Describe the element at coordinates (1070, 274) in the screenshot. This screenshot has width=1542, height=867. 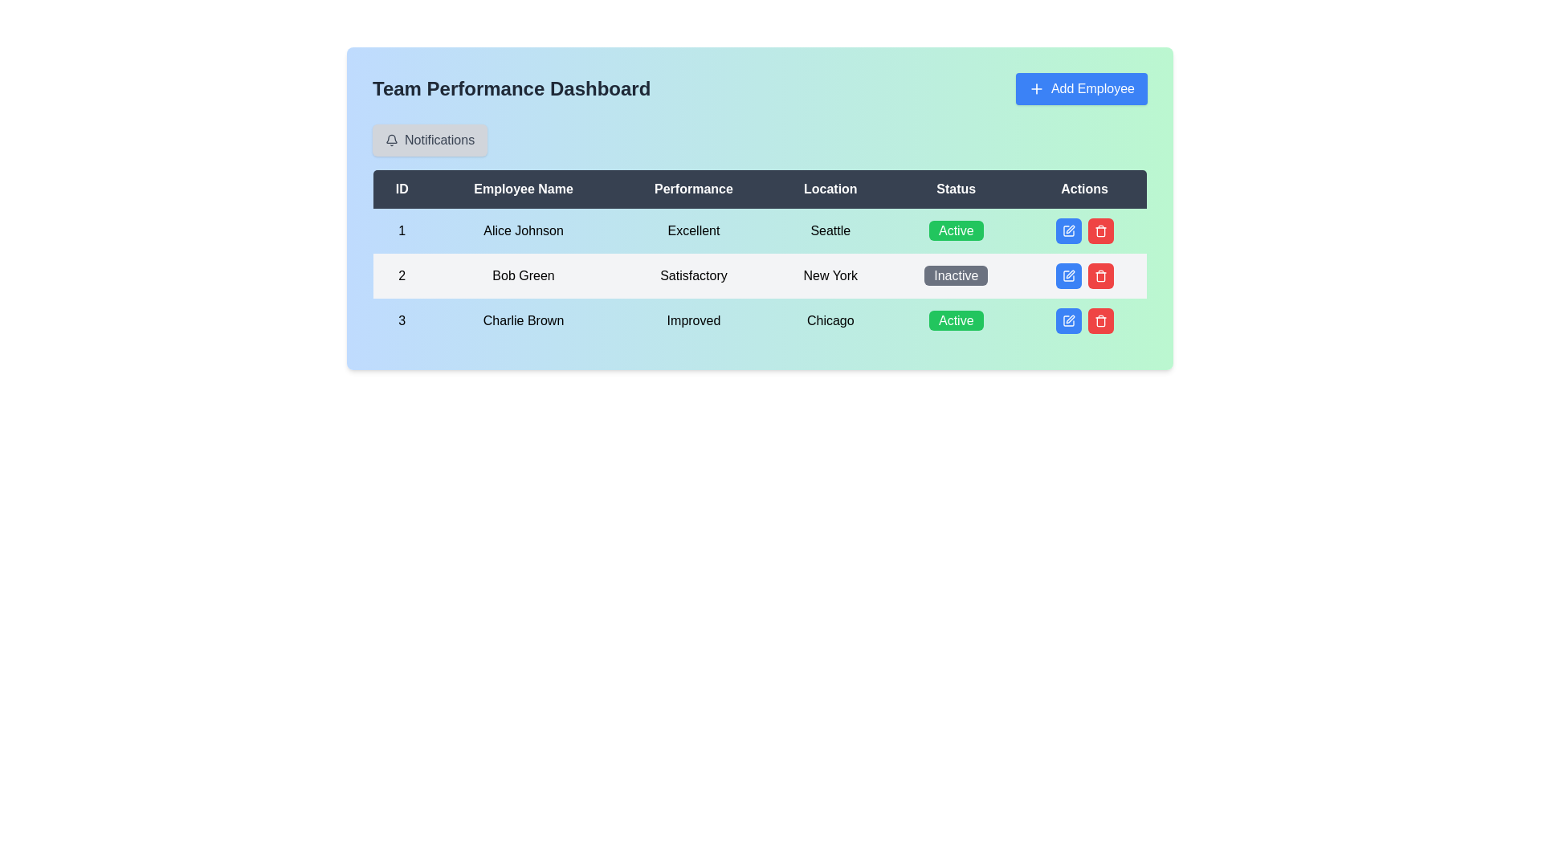
I see `the Edit icon in the Actions column for the row corresponding to Bob Green` at that location.